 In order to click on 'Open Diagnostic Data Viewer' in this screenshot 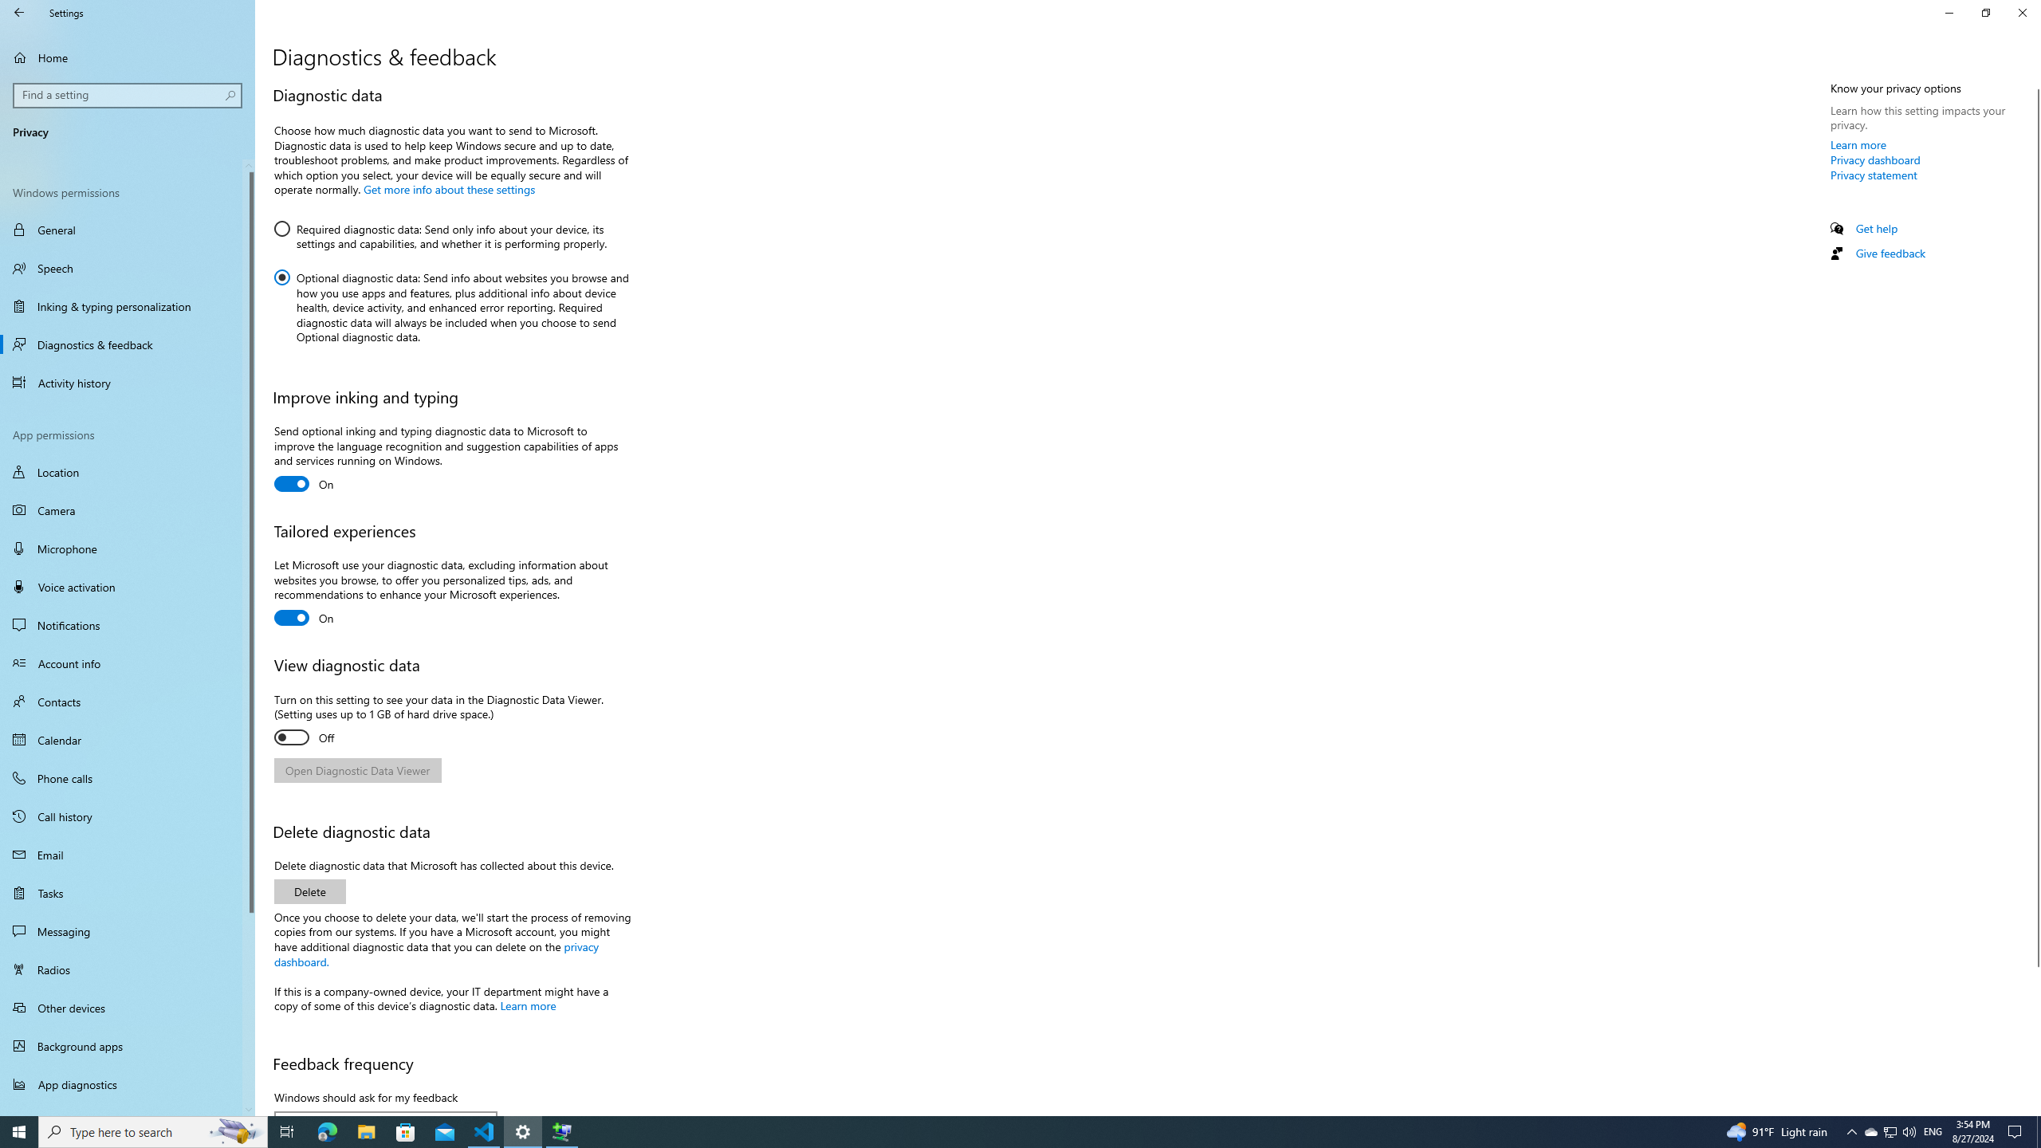, I will do `click(357, 769)`.